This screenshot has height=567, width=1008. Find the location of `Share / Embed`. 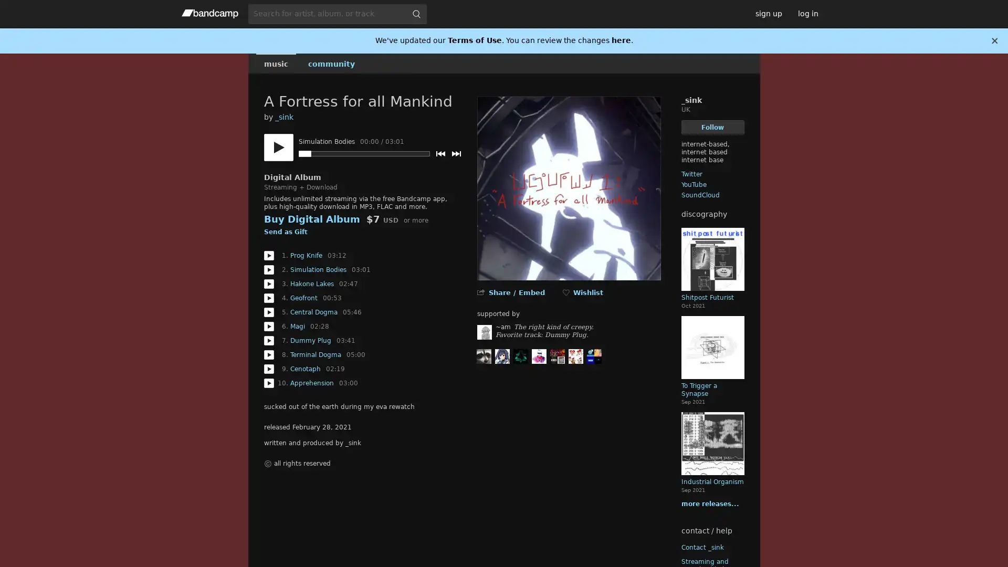

Share / Embed is located at coordinates (516, 292).